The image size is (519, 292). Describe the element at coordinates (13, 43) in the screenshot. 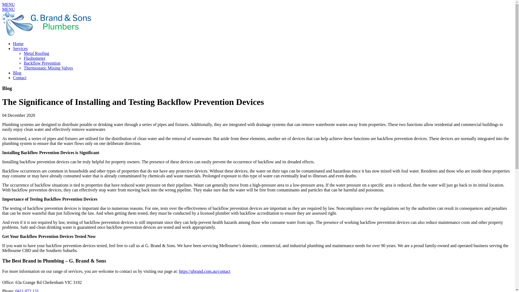

I see `'Home'` at that location.